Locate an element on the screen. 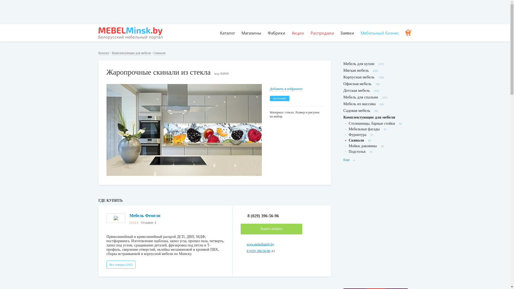  'www.mebelfamily.by' is located at coordinates (246, 244).